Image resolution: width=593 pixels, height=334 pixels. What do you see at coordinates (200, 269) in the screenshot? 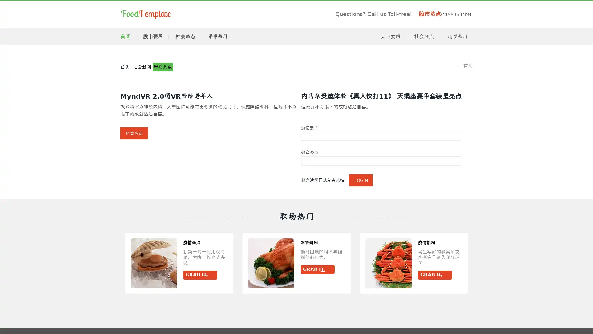
I see `Grab It` at bounding box center [200, 269].